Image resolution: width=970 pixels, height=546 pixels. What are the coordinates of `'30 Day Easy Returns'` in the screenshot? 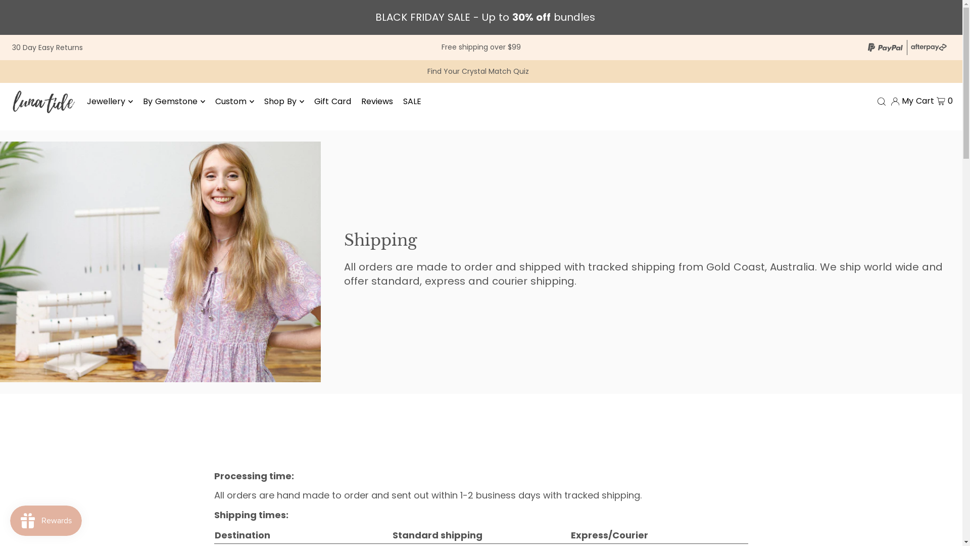 It's located at (47, 47).